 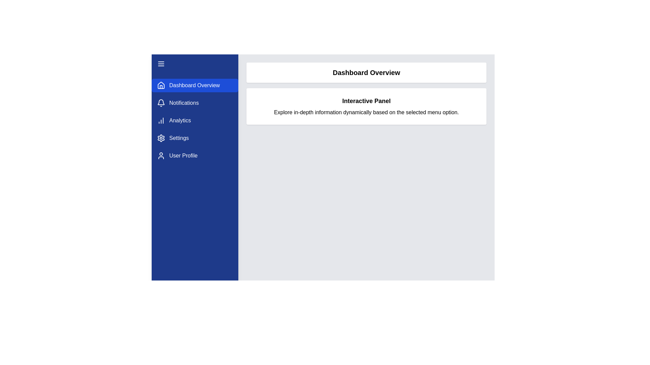 What do you see at coordinates (160, 102) in the screenshot?
I see `the bell-shaped icon within the SVG graphic, which has a minimalistic design with a solid outline` at bounding box center [160, 102].